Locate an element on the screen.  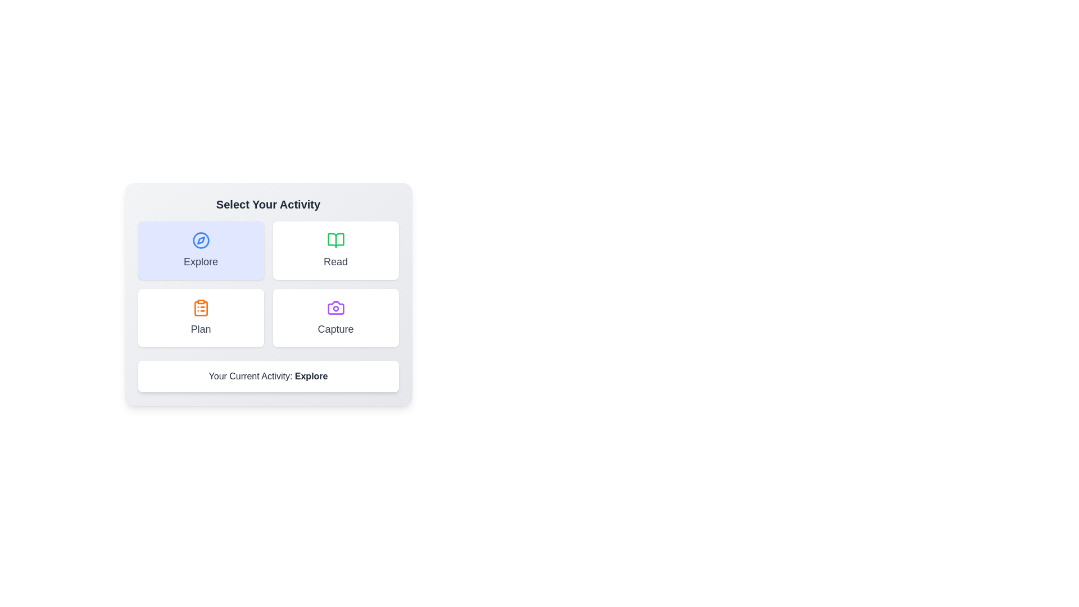
the button corresponding to the activity Read is located at coordinates (335, 250).